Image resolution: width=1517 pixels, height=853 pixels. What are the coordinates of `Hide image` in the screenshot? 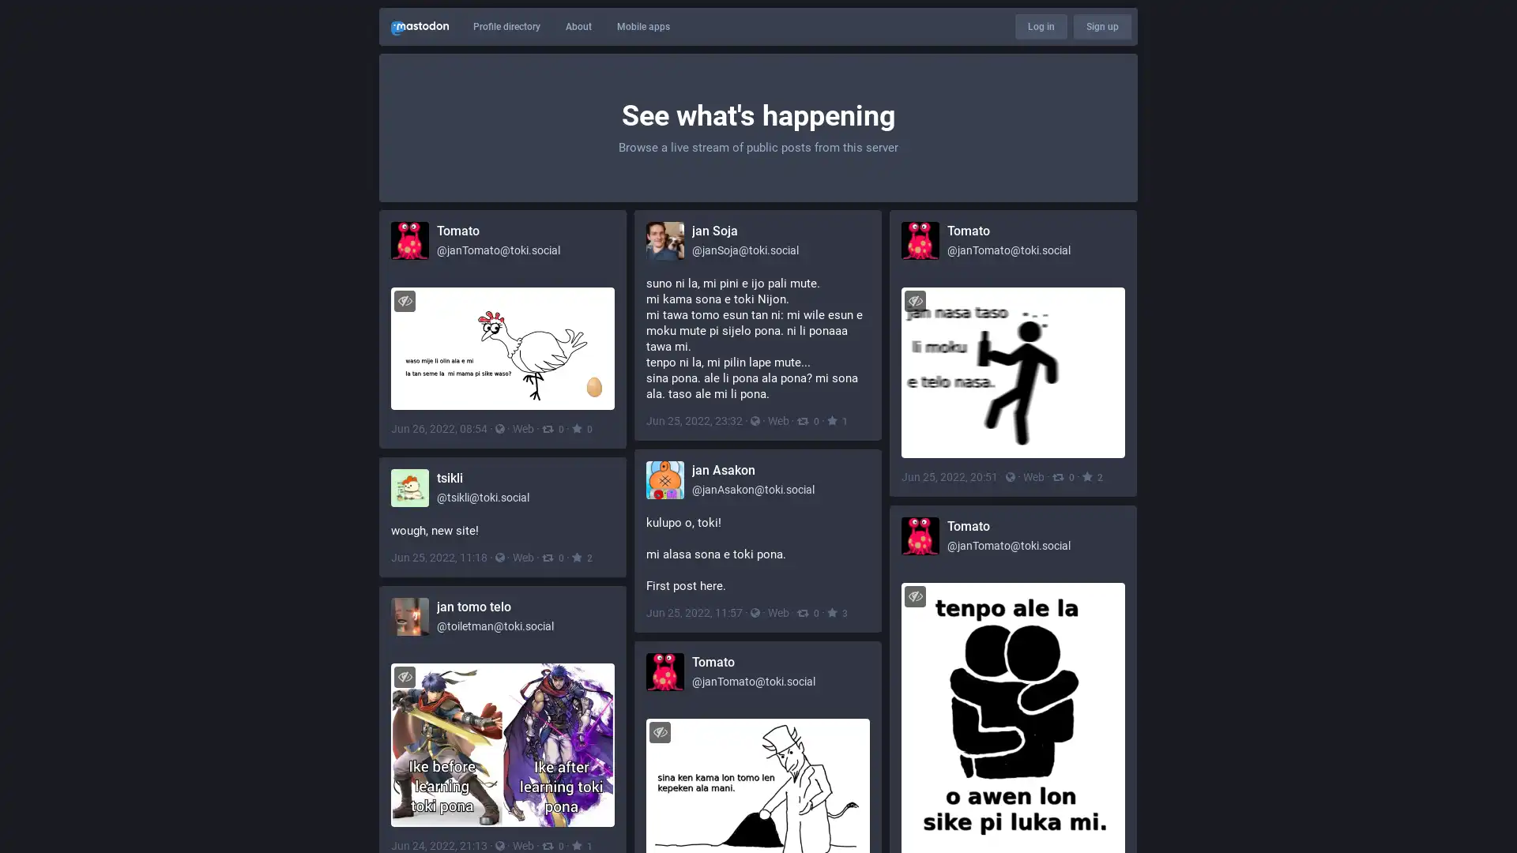 It's located at (660, 731).